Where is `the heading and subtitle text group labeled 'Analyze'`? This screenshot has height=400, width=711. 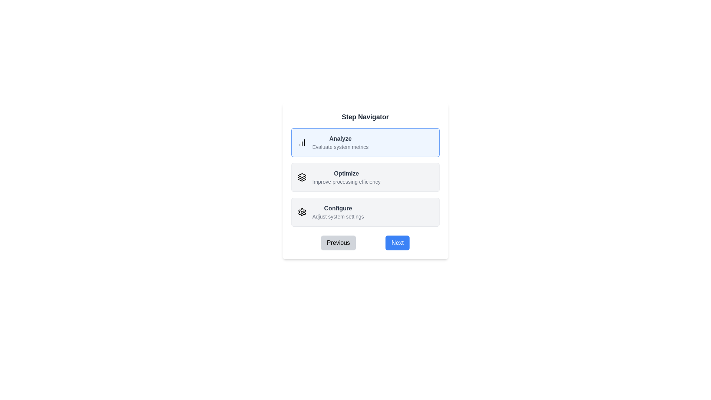 the heading and subtitle text group labeled 'Analyze' is located at coordinates (340, 143).